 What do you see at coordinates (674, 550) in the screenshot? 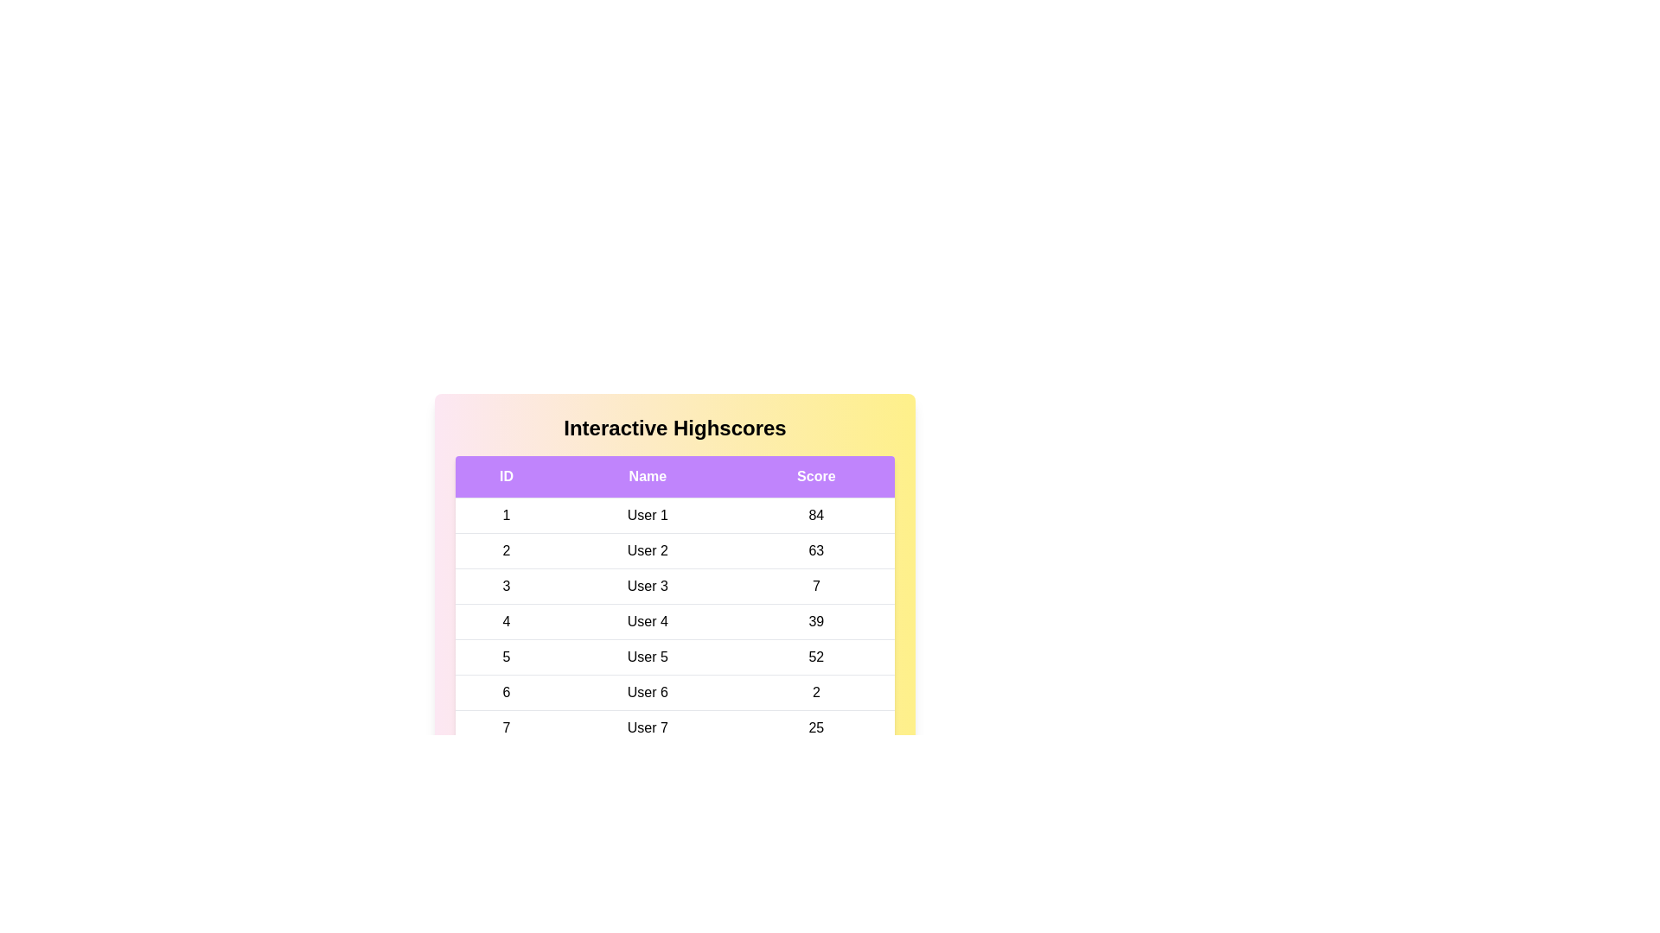
I see `the row corresponding to 2` at bounding box center [674, 550].